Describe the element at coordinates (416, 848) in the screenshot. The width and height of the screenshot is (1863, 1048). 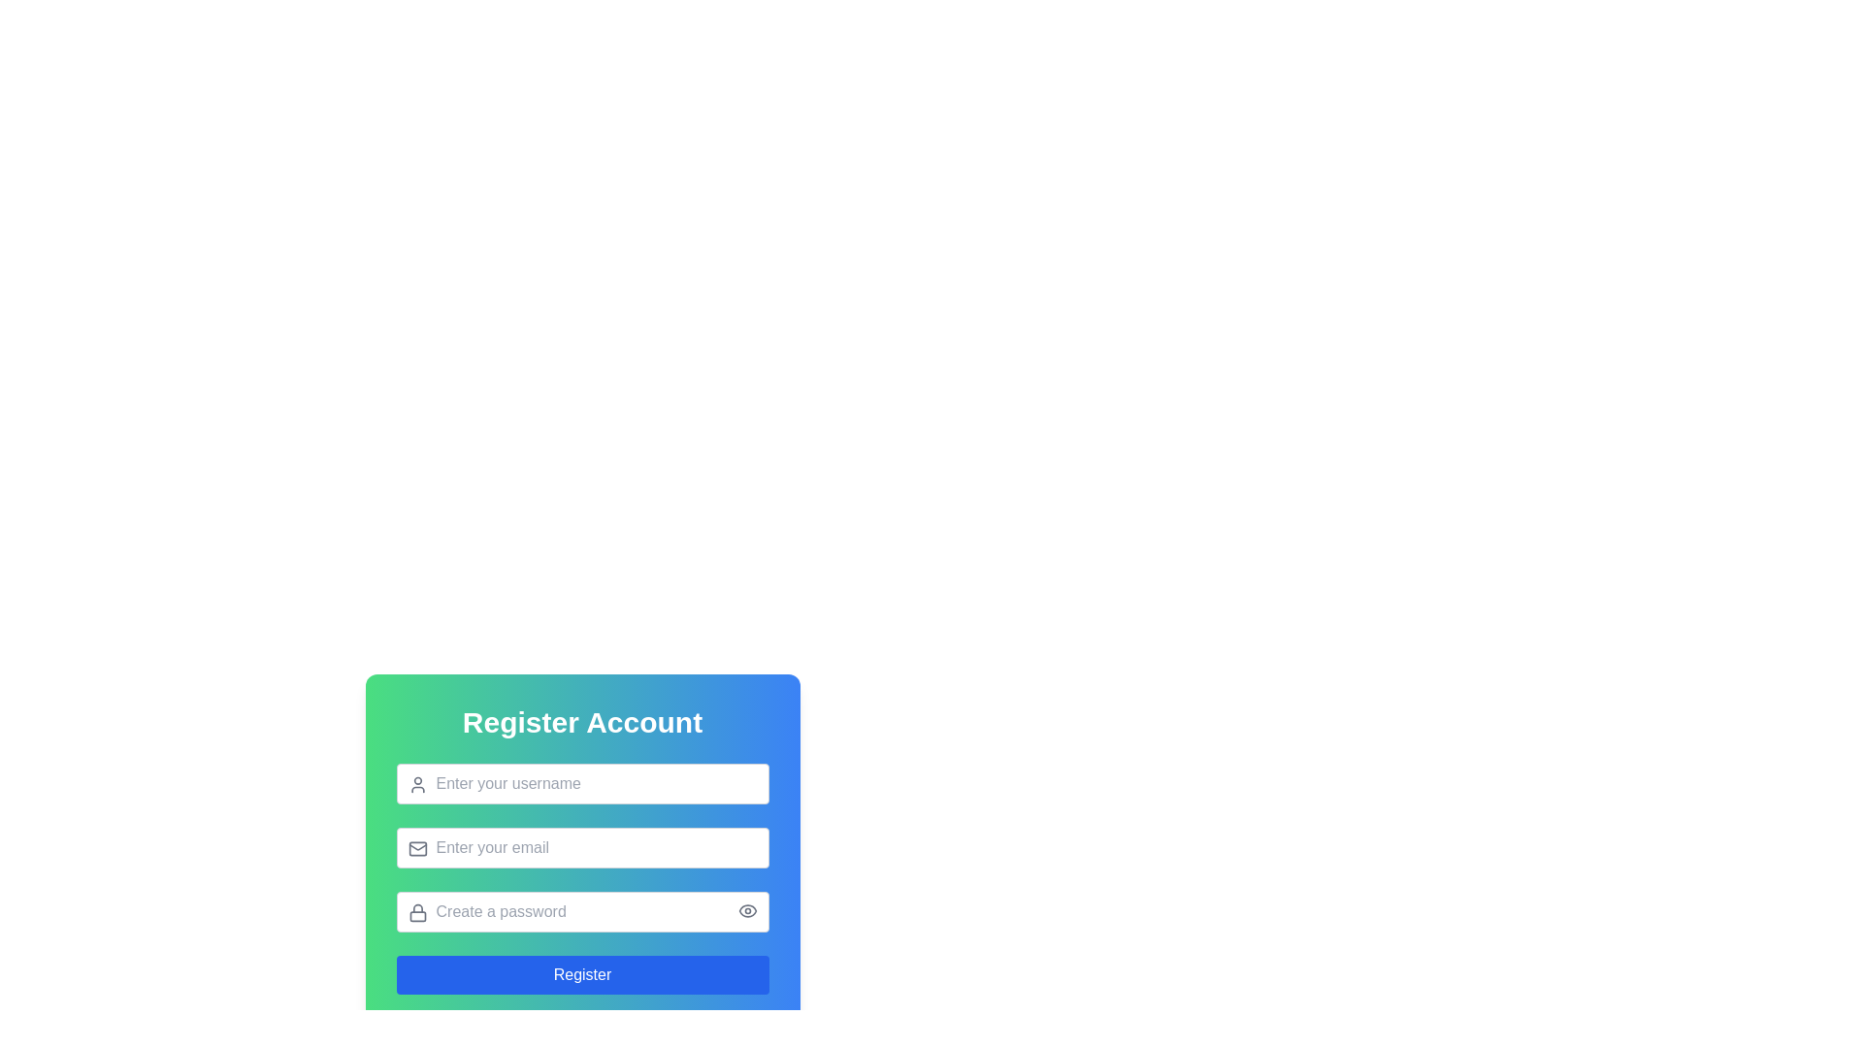
I see `the small gray mail icon representing an envelope, located inside the second input field of the 'Register Account' form, on the left side of the placeholder text 'Enter your email.'` at that location.